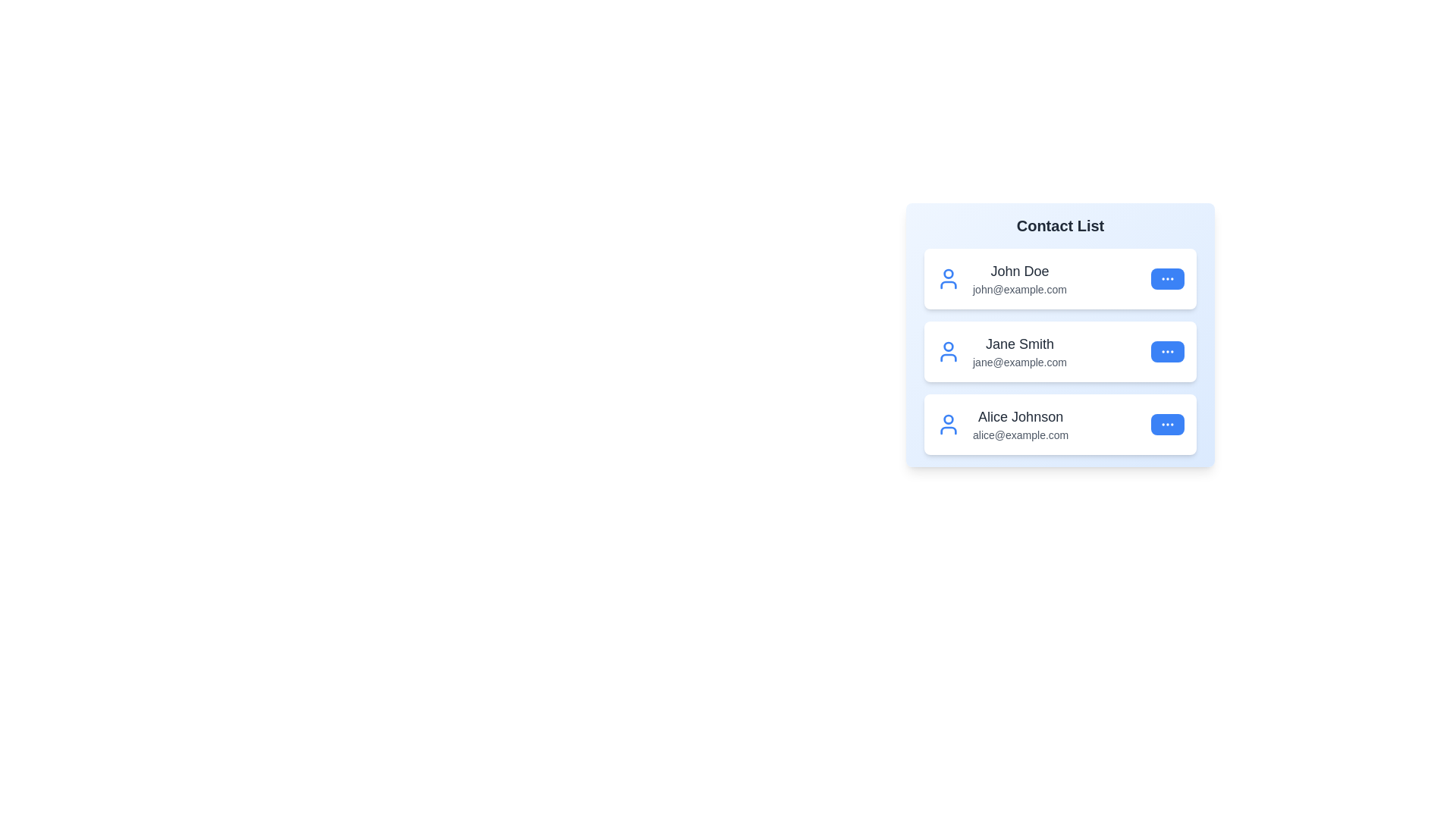 Image resolution: width=1456 pixels, height=819 pixels. I want to click on the contact entry for John Doe, so click(1059, 278).